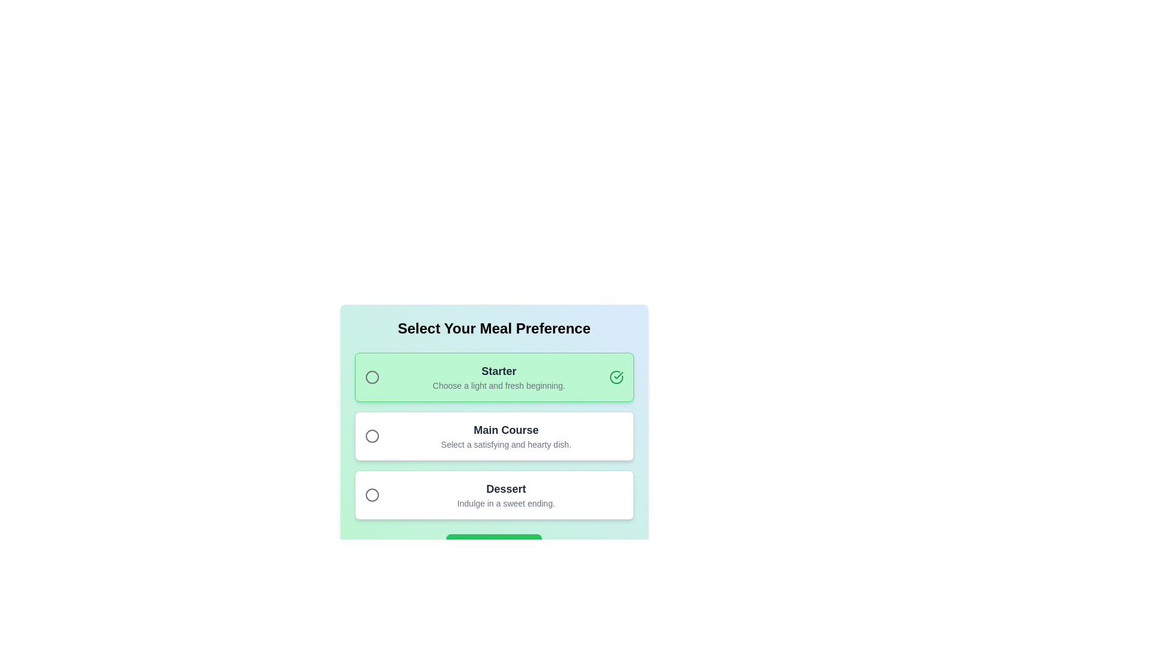 This screenshot has height=649, width=1155. I want to click on the text element that contains 'Choose a light and fresh beginning,' which is styled in grey and positioned directly beneath the bold title 'Starter' within a light-green rectangular background, so click(499, 385).